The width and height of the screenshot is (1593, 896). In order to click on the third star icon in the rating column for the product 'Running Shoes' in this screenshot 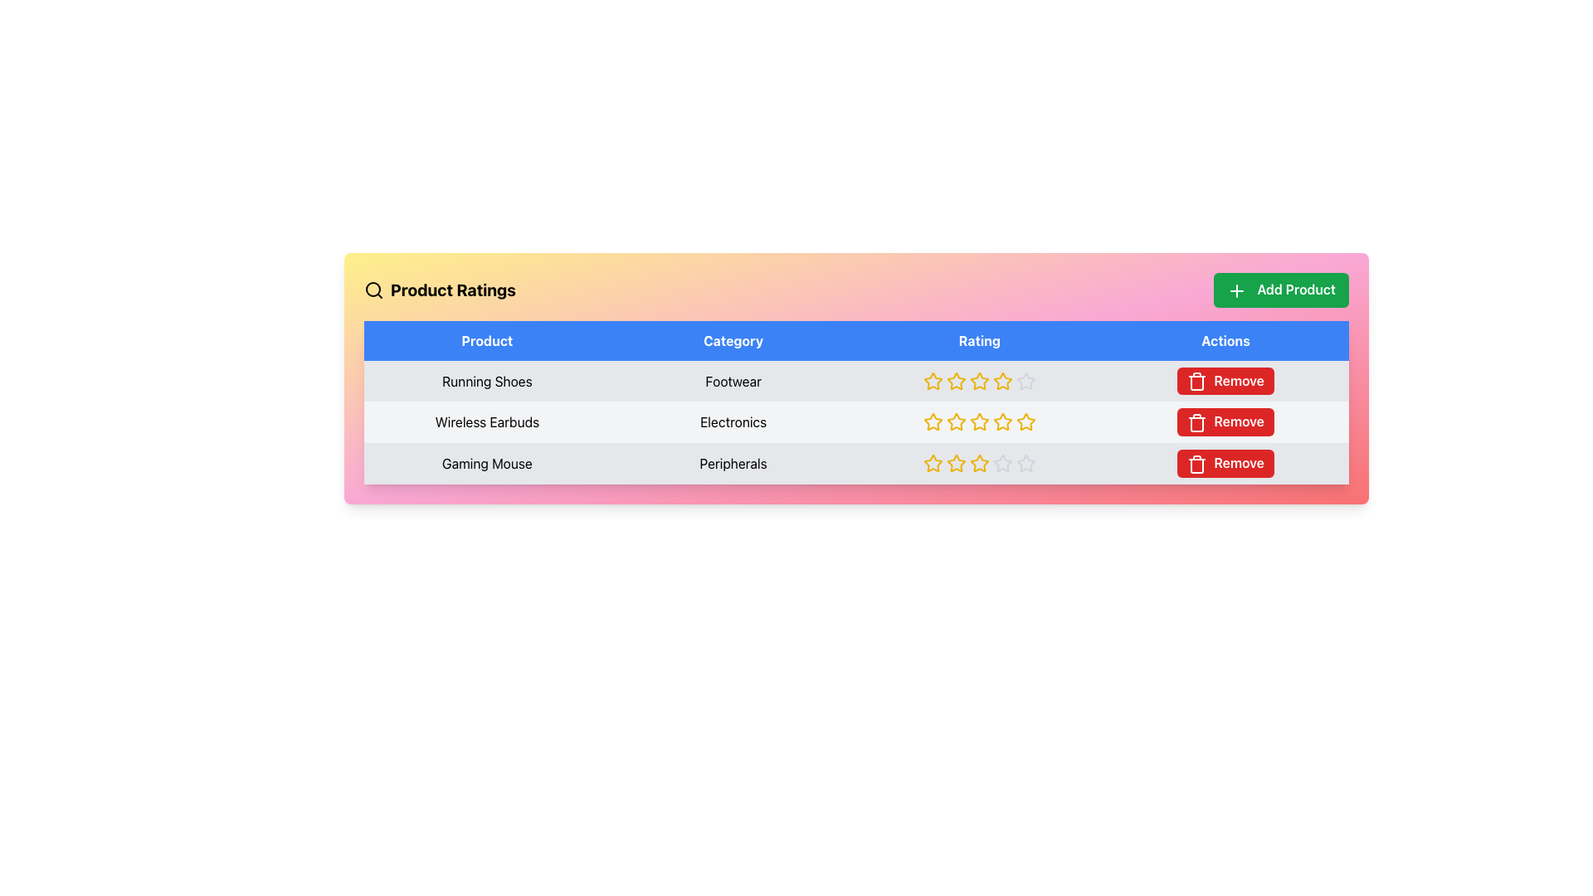, I will do `click(979, 381)`.